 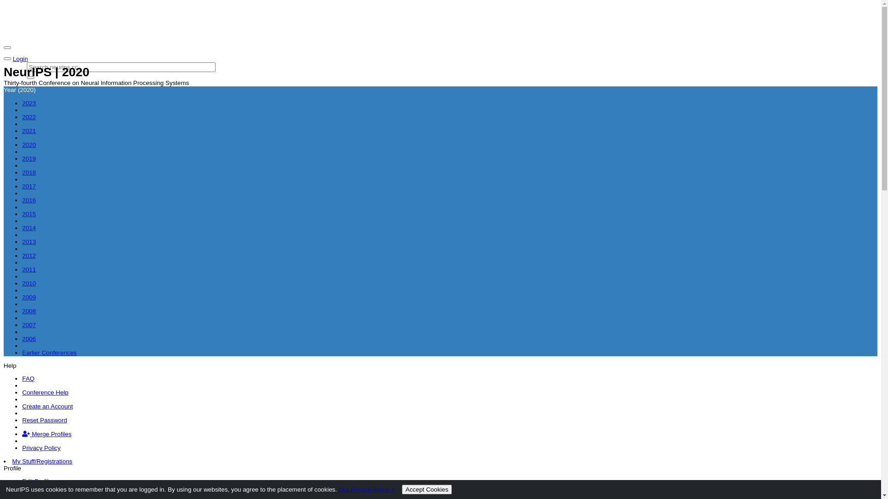 What do you see at coordinates (22, 145) in the screenshot?
I see `'2020'` at bounding box center [22, 145].